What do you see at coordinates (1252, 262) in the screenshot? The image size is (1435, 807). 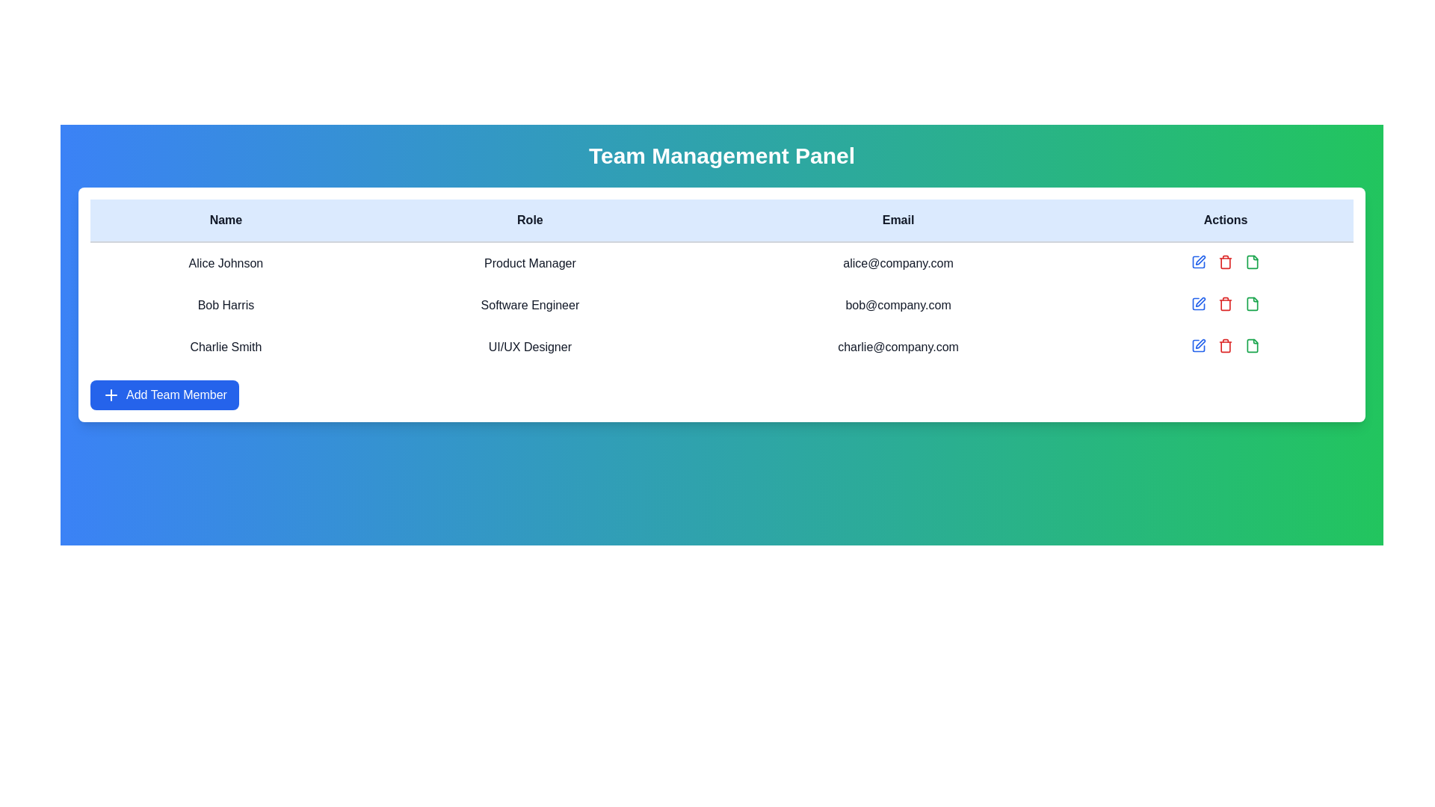 I see `the gray file icon with a folded top-right corner located in the 'Actions' column of the last row of the data table` at bounding box center [1252, 262].